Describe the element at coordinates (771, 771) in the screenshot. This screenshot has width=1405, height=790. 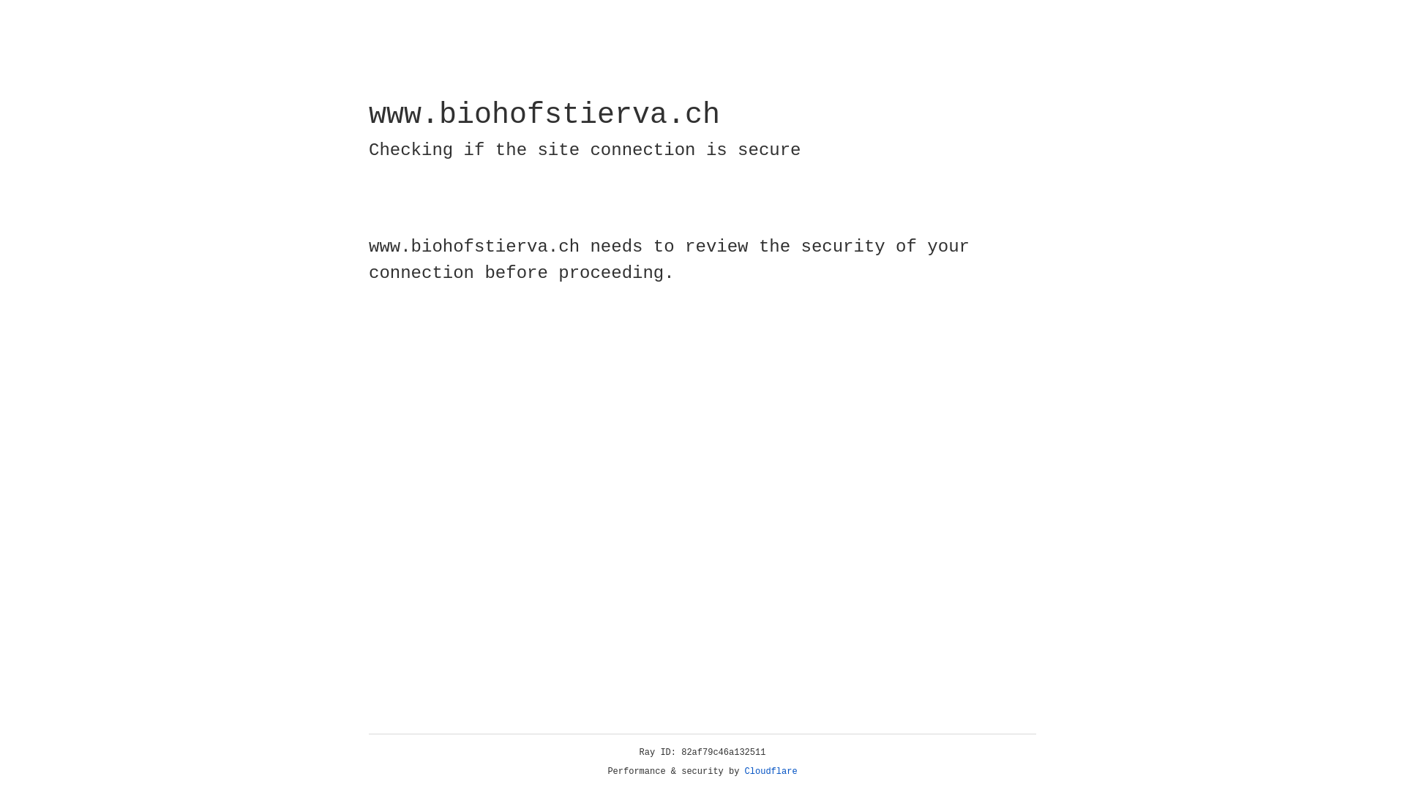
I see `'Cloudflare'` at that location.